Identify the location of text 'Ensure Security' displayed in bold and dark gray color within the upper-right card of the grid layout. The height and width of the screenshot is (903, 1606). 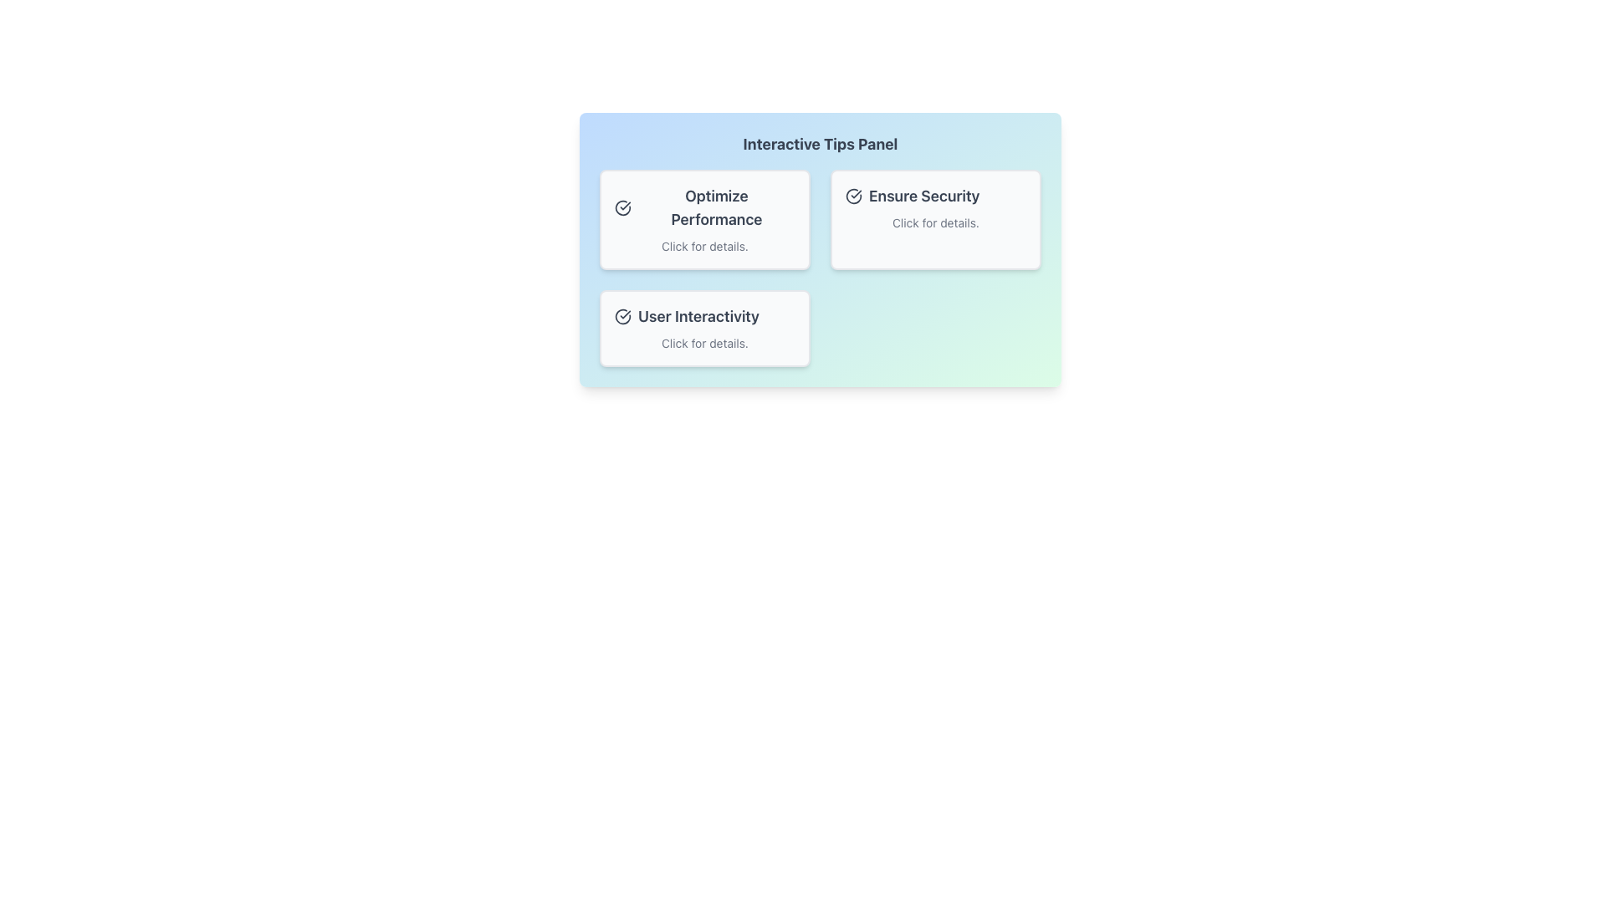
(934, 196).